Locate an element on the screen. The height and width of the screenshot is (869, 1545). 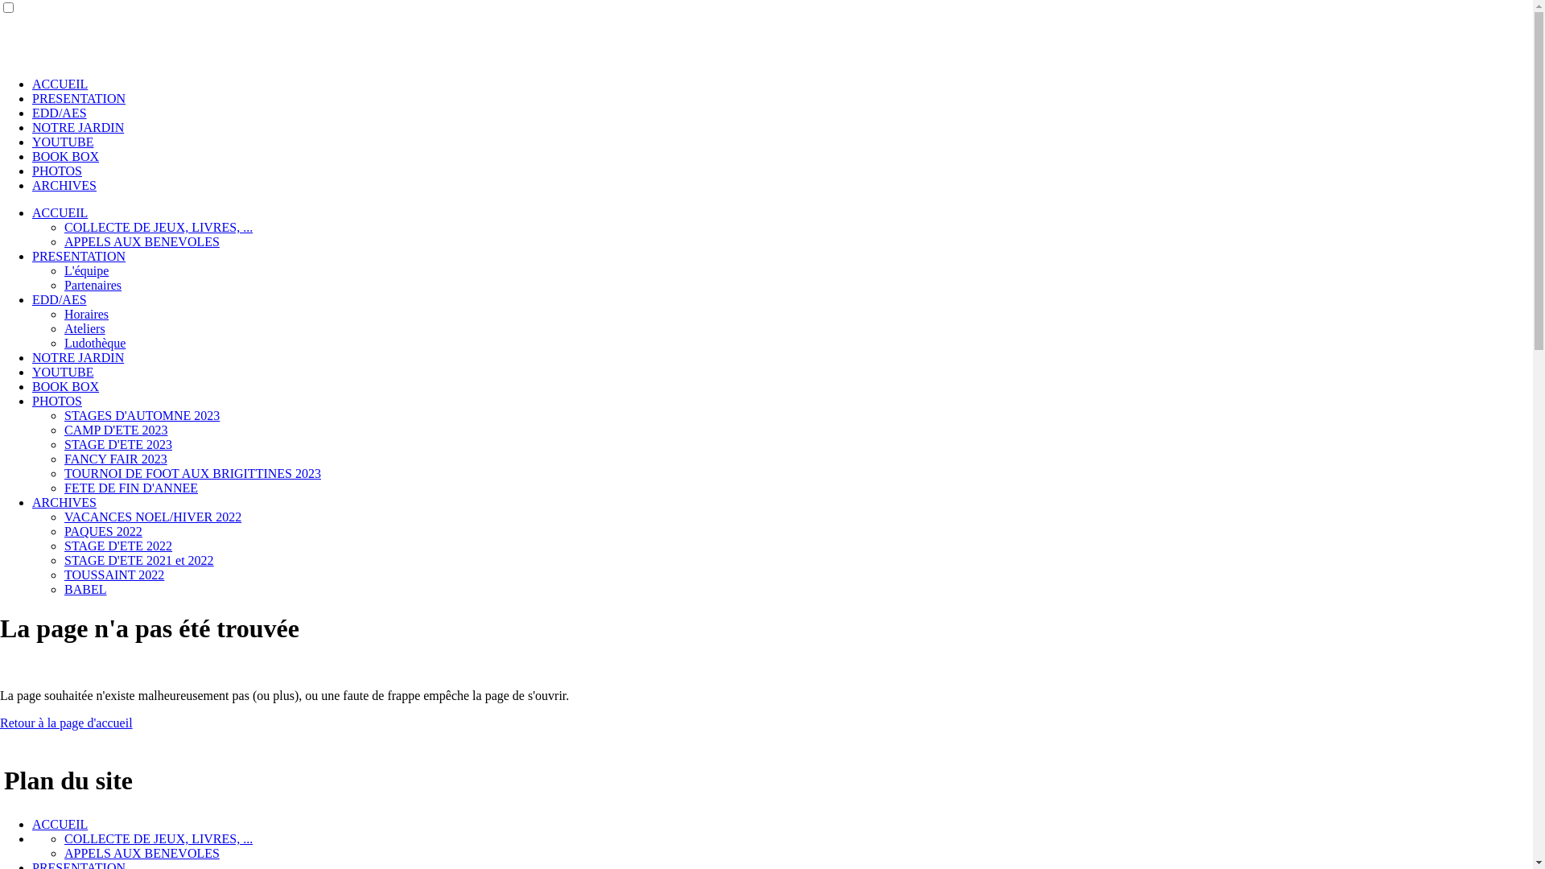
'STAGES D'AUTOMNE 2023' is located at coordinates (64, 414).